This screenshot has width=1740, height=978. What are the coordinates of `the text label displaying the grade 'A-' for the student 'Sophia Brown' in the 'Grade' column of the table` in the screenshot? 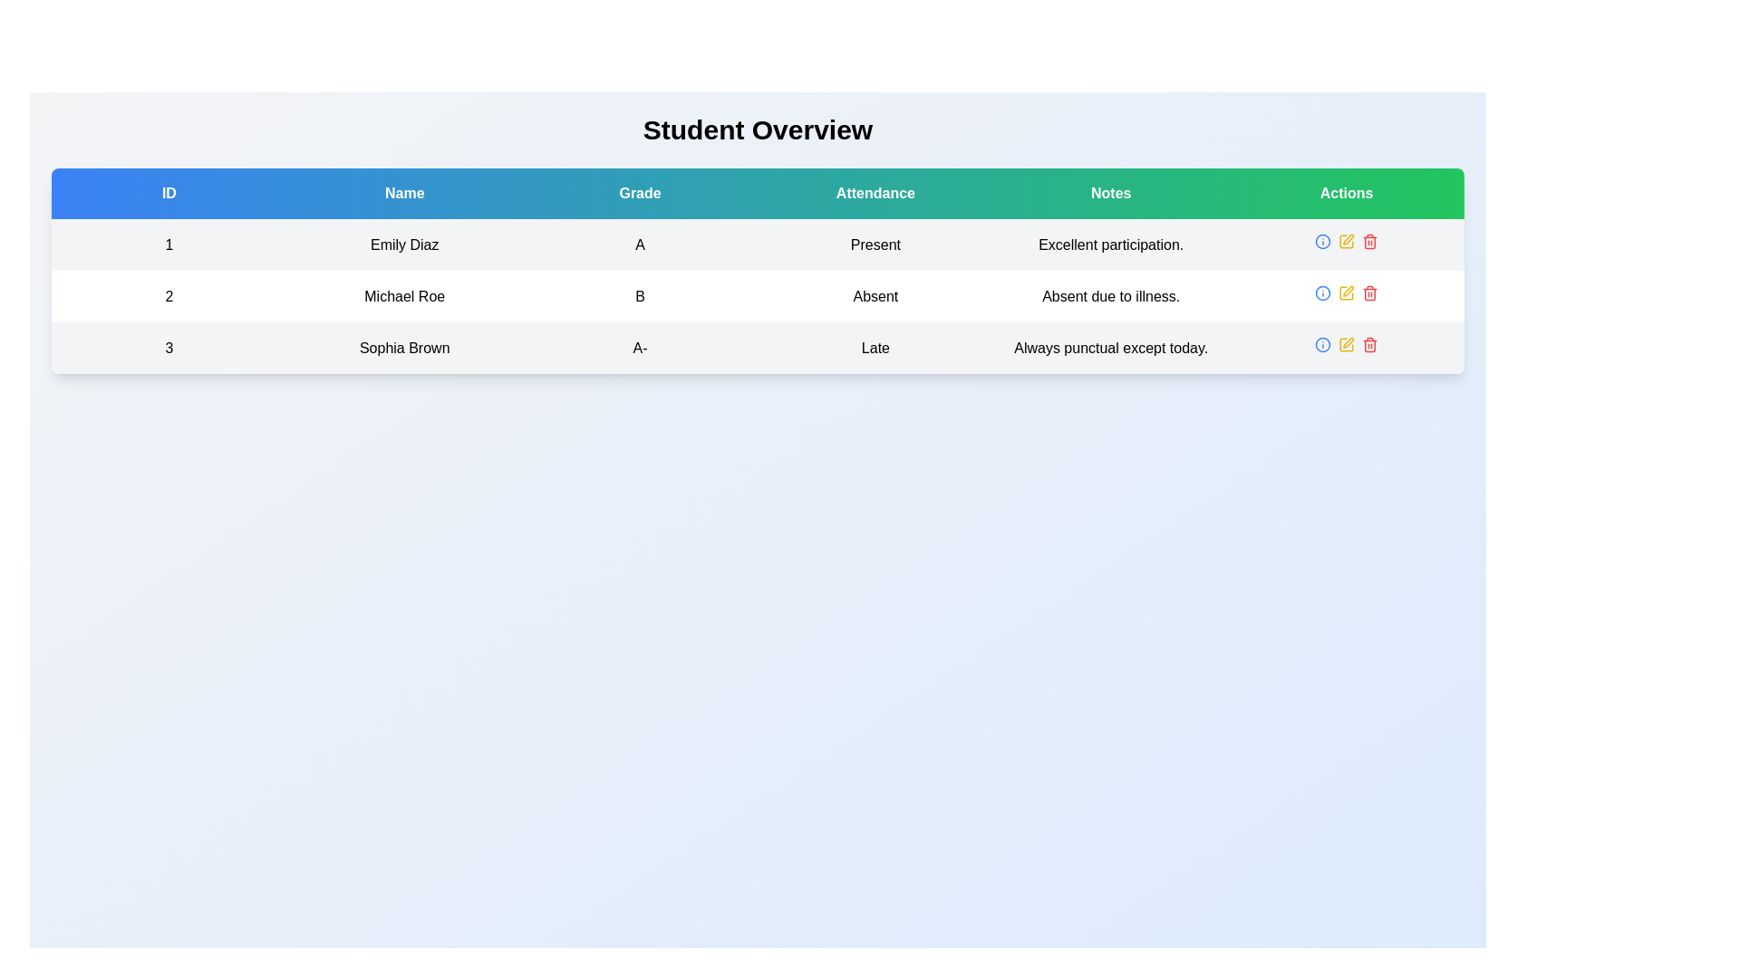 It's located at (640, 348).